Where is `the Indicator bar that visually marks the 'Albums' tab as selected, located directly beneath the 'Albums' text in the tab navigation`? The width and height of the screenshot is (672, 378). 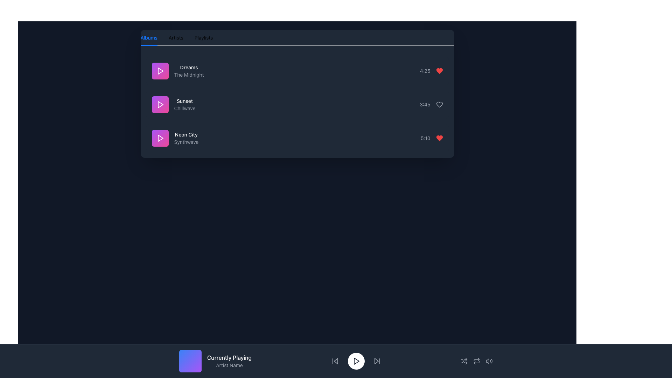
the Indicator bar that visually marks the 'Albums' tab as selected, located directly beneath the 'Albums' text in the tab navigation is located at coordinates (148, 45).